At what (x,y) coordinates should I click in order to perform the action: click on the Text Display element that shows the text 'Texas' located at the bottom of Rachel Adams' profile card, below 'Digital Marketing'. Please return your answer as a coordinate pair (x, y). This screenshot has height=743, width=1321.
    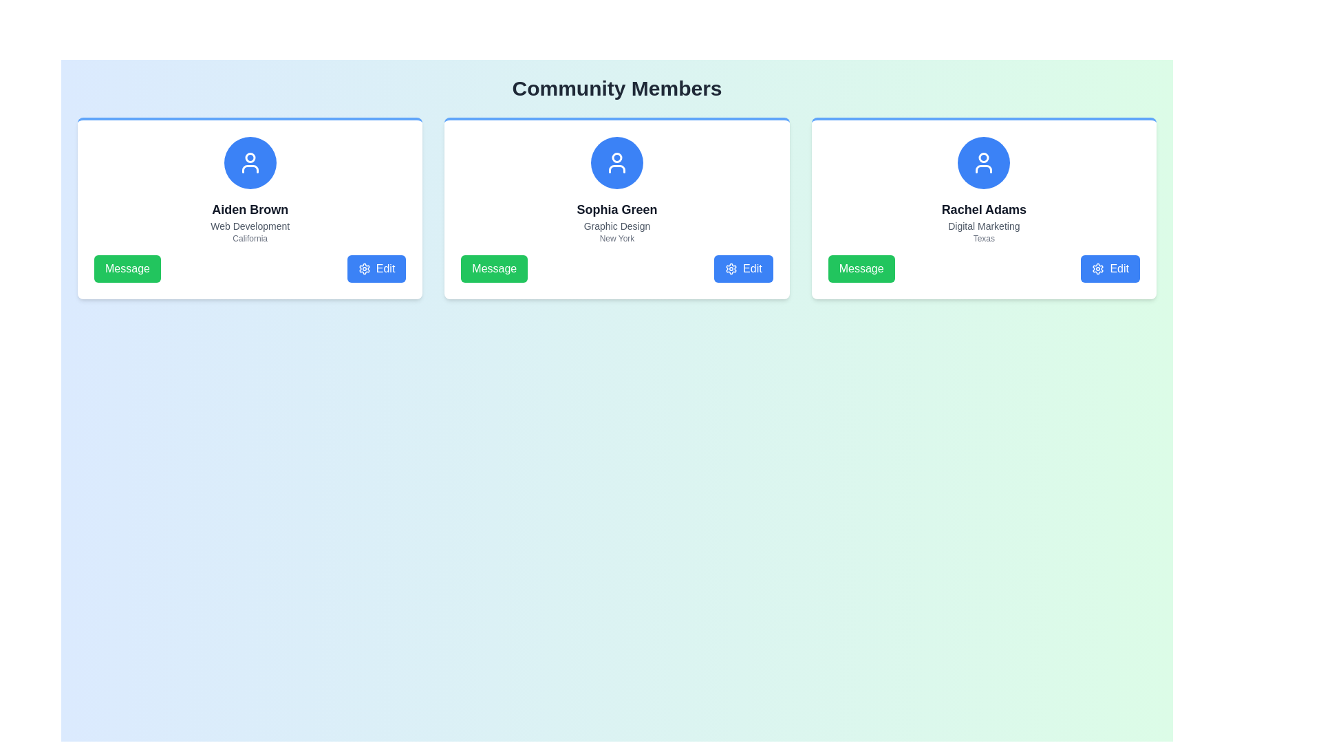
    Looking at the image, I should click on (983, 238).